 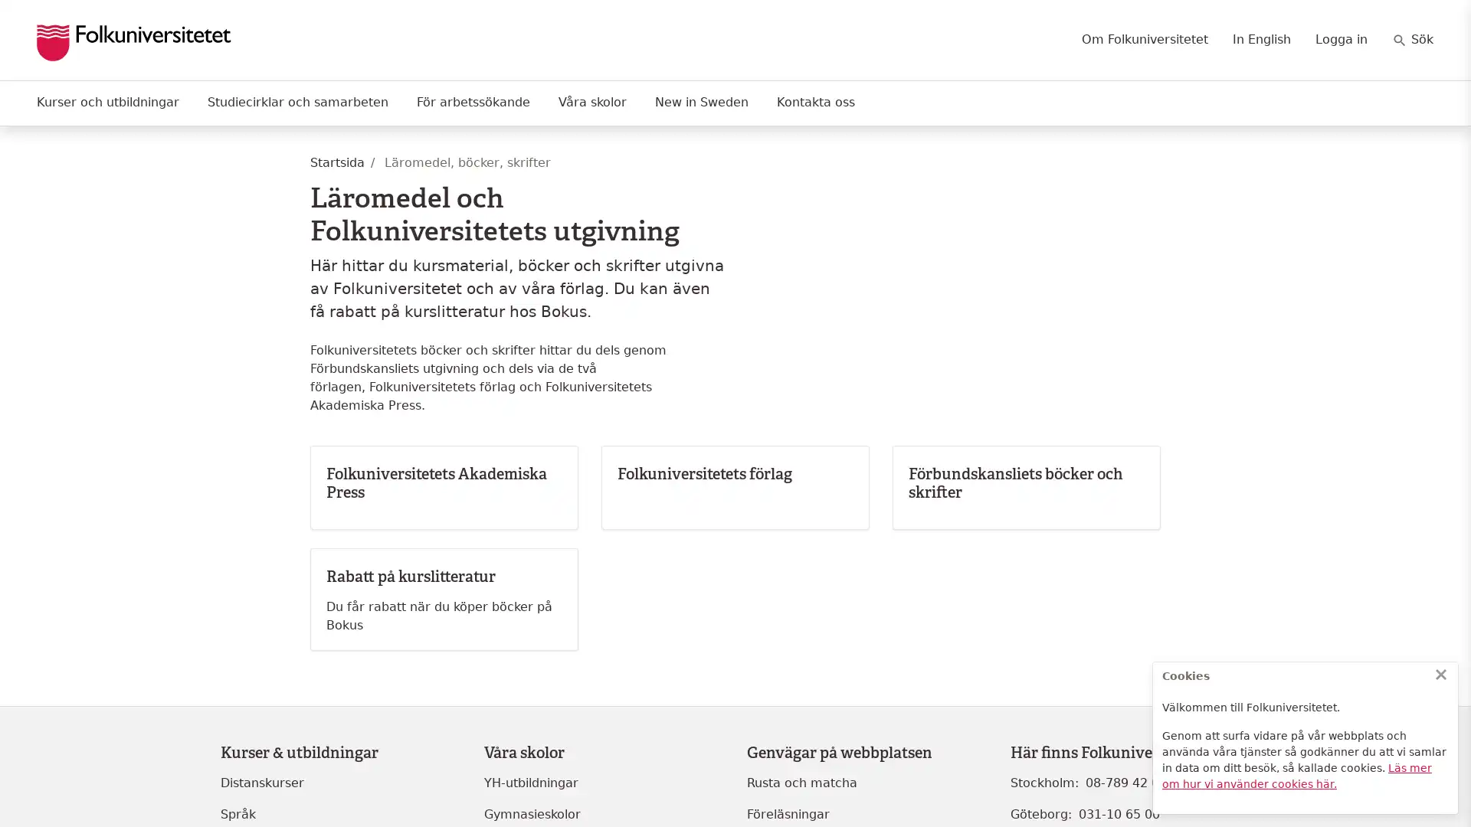 What do you see at coordinates (1440, 673) in the screenshot?
I see `Stang` at bounding box center [1440, 673].